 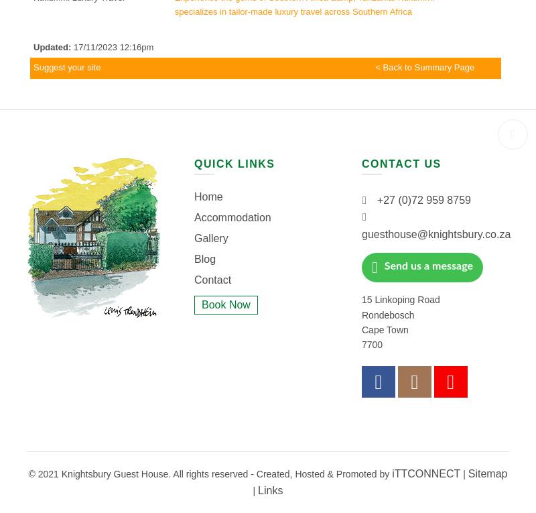 I want to click on 'guesthouse@knightsbury.co.za', so click(x=435, y=233).